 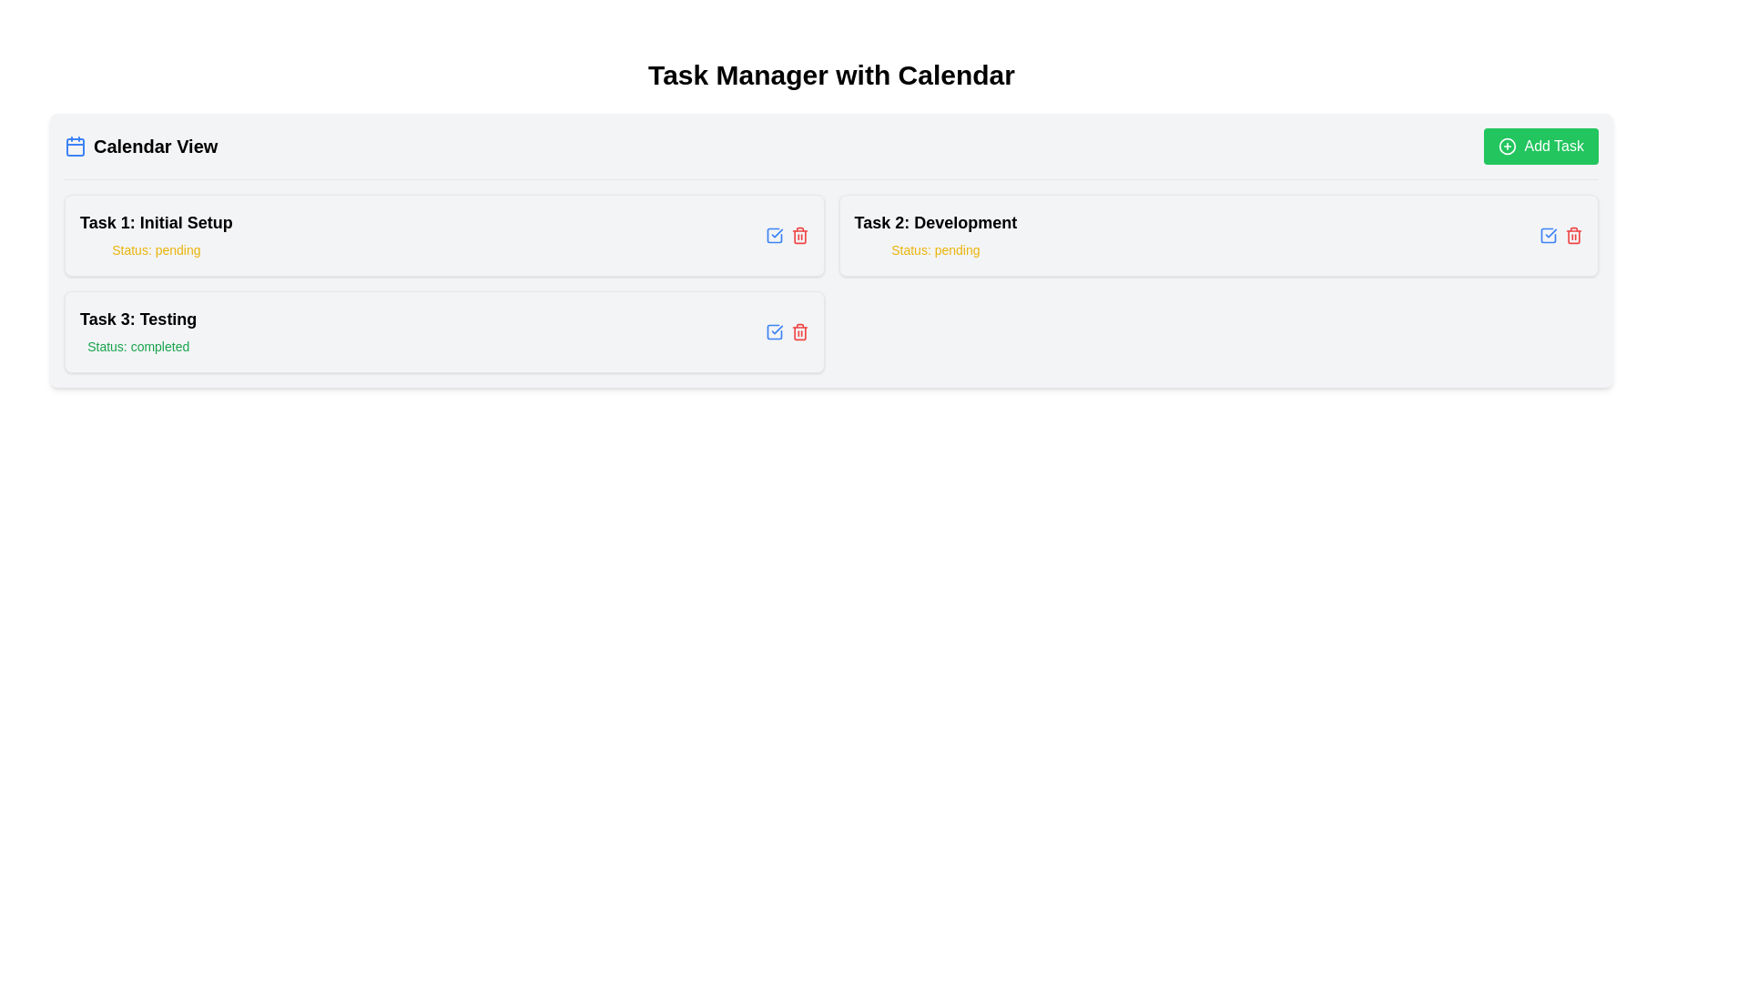 I want to click on the main body of the trash can icon within the SVG element next to 'Task 2: Development', so click(x=1572, y=235).